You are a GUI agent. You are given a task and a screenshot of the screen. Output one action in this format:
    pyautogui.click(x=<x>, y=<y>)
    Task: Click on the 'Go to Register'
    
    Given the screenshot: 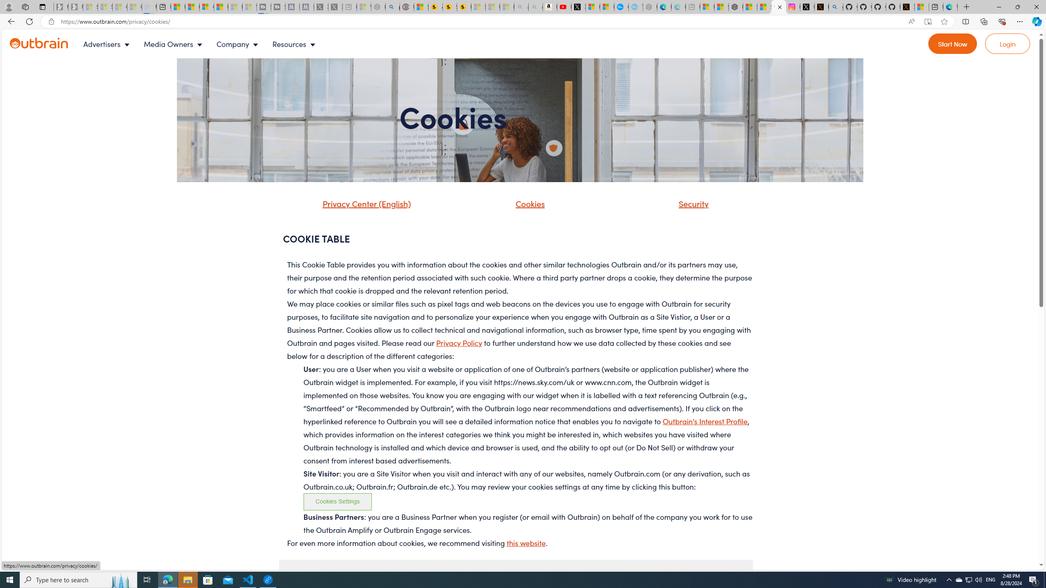 What is the action you would take?
    pyautogui.click(x=952, y=44)
    